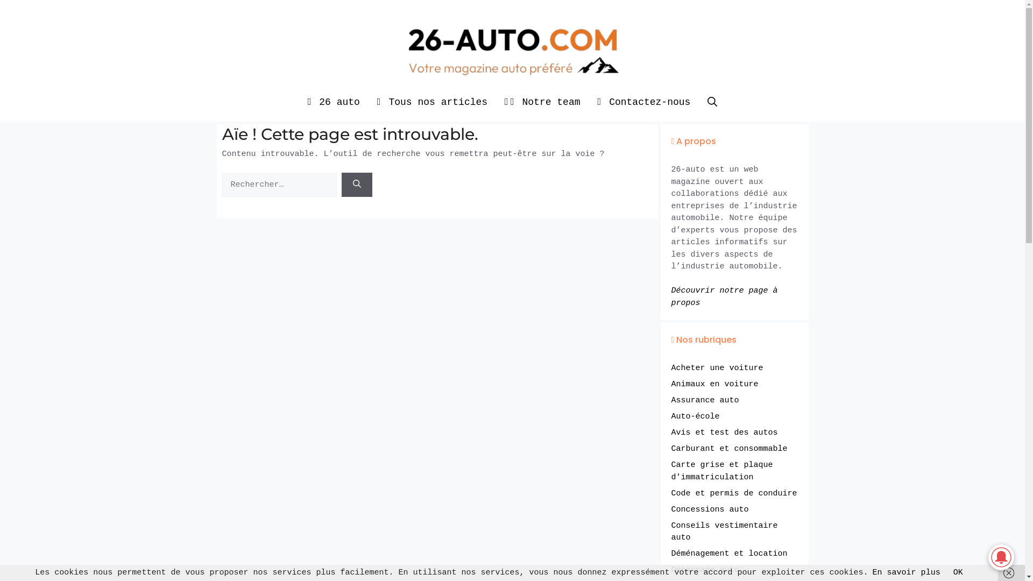 This screenshot has height=581, width=1033. What do you see at coordinates (717, 367) in the screenshot?
I see `'Acheter une voiture'` at bounding box center [717, 367].